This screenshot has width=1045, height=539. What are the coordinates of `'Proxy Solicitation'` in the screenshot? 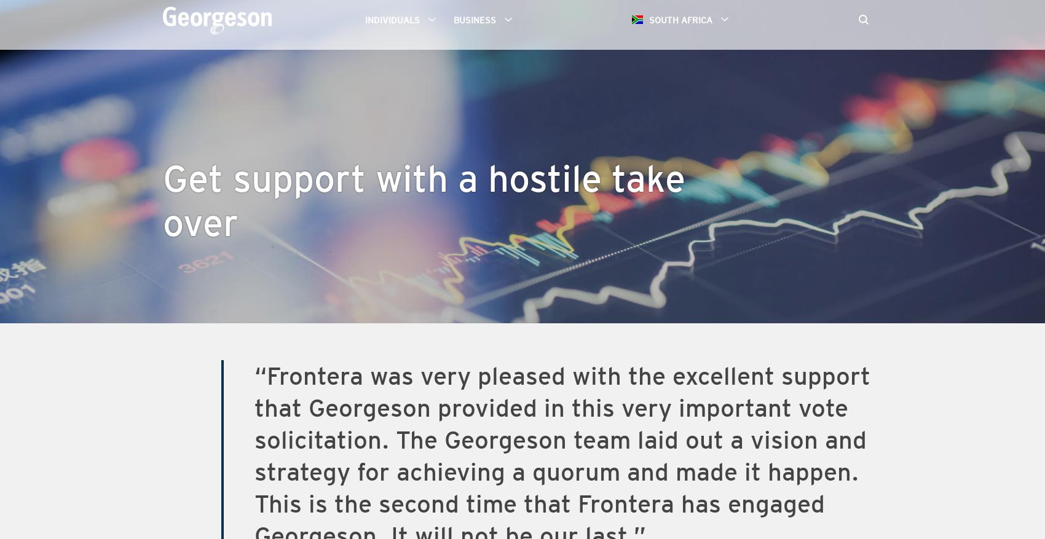 It's located at (328, 99).